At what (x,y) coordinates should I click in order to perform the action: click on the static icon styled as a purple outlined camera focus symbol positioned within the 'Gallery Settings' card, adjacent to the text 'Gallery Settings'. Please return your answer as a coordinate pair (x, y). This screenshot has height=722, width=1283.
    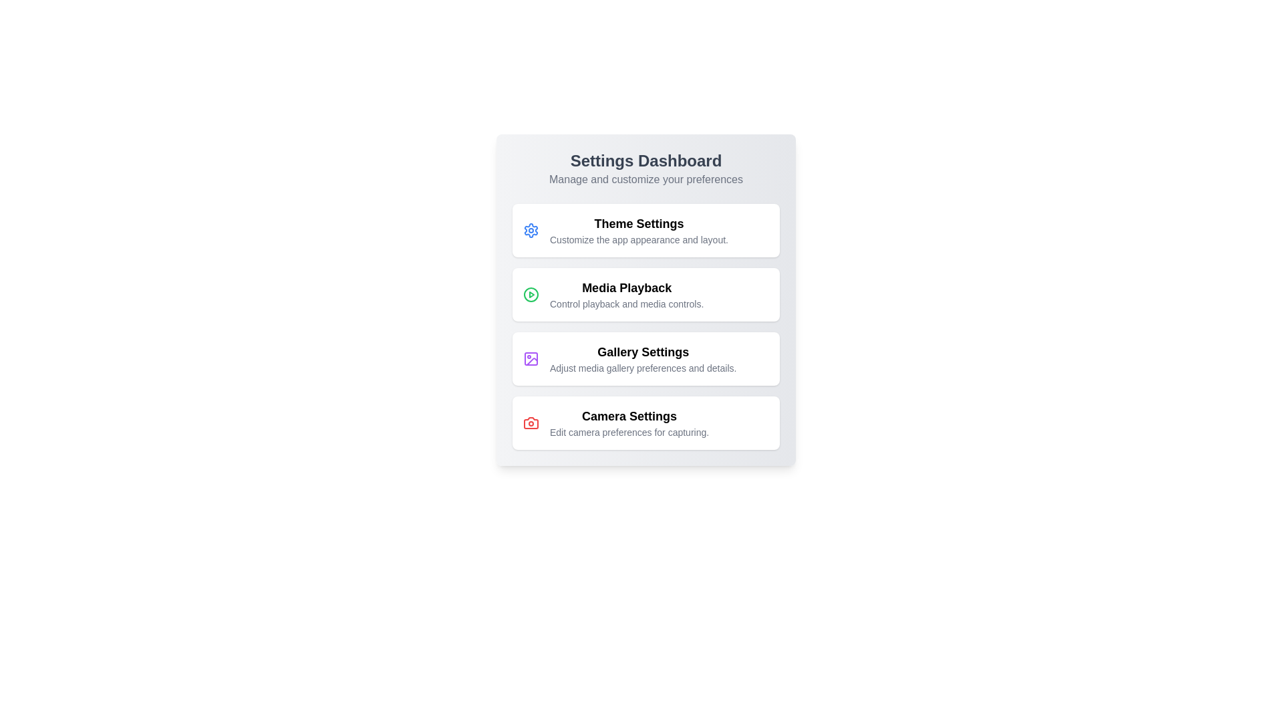
    Looking at the image, I should click on (531, 358).